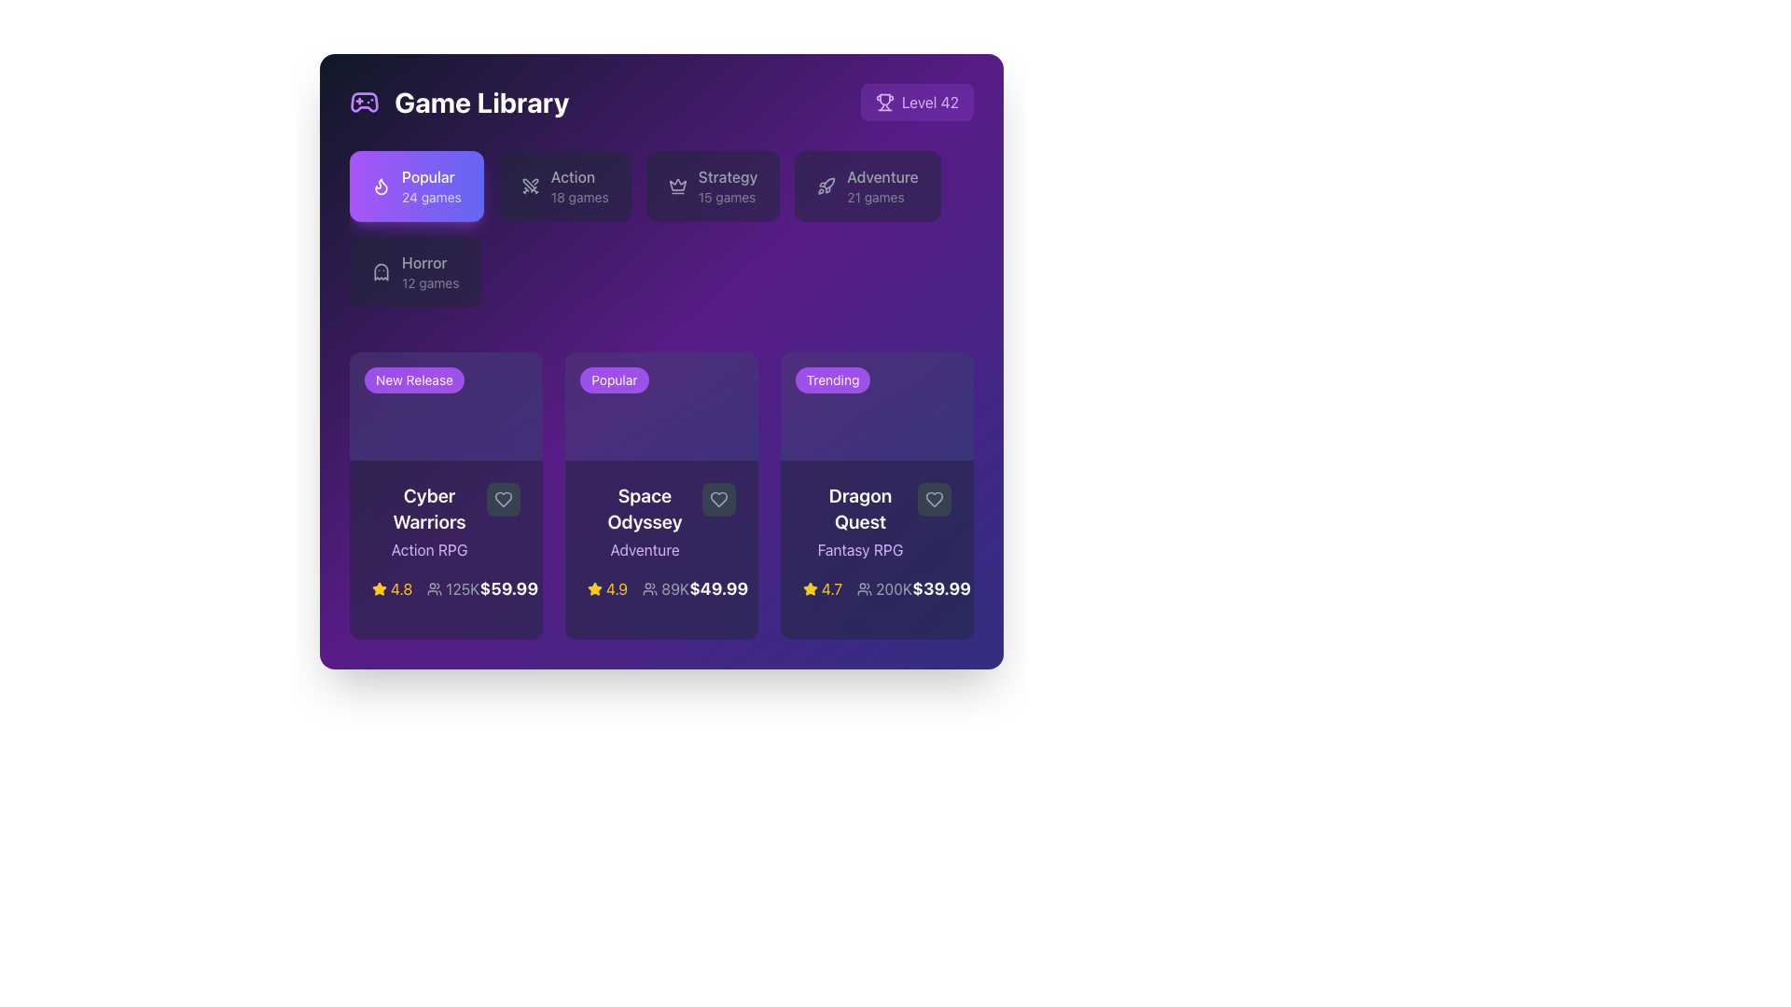 This screenshot has height=1007, width=1791. Describe the element at coordinates (428, 549) in the screenshot. I see `the static text label displaying 'Action RPG' in purple, located beneath the title 'Cyber Warriors' within the first game card in the game library grid` at that location.